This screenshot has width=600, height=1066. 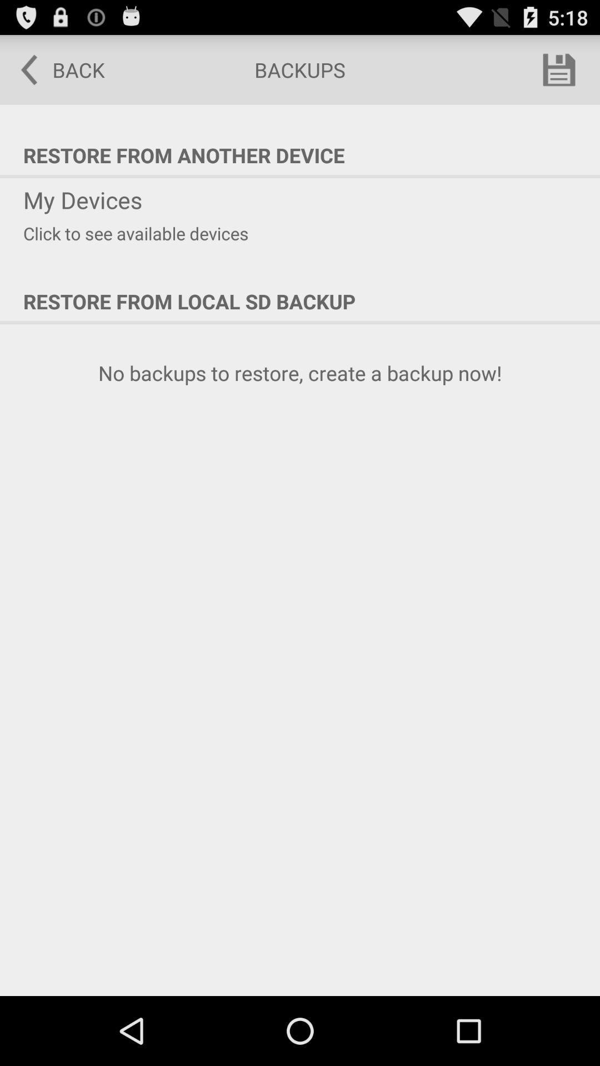 What do you see at coordinates (55, 69) in the screenshot?
I see `back` at bounding box center [55, 69].